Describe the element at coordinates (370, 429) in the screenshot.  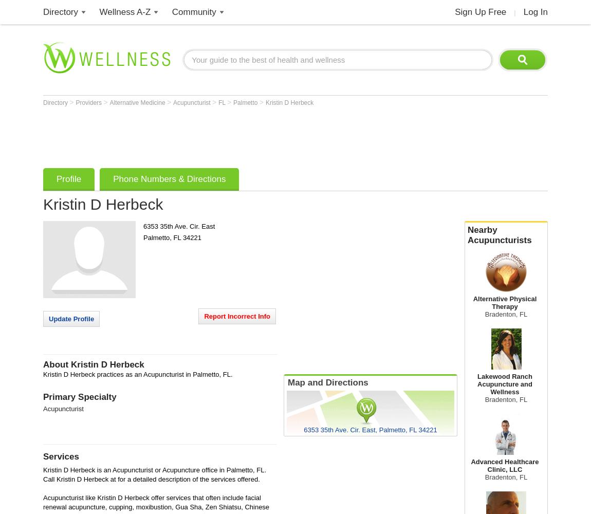
I see `'6353 35th Ave. Cir. East, Palmetto, FL  34221'` at that location.